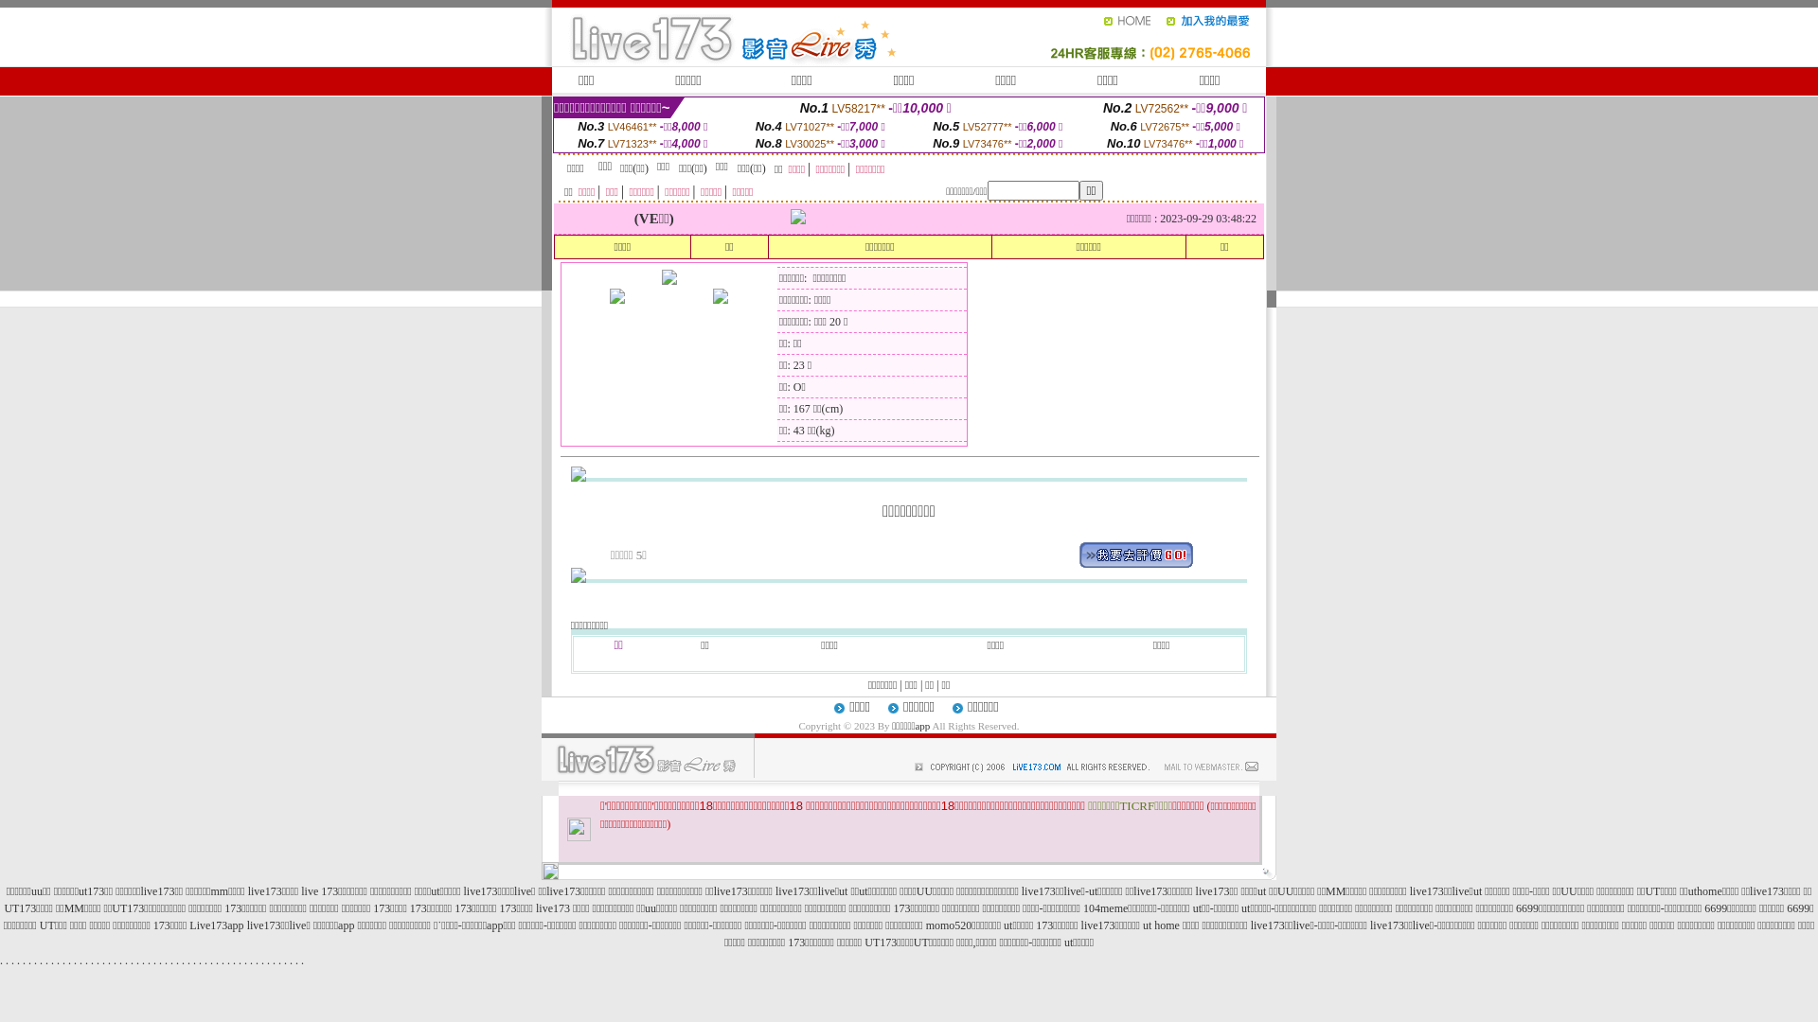  What do you see at coordinates (194, 960) in the screenshot?
I see `'.'` at bounding box center [194, 960].